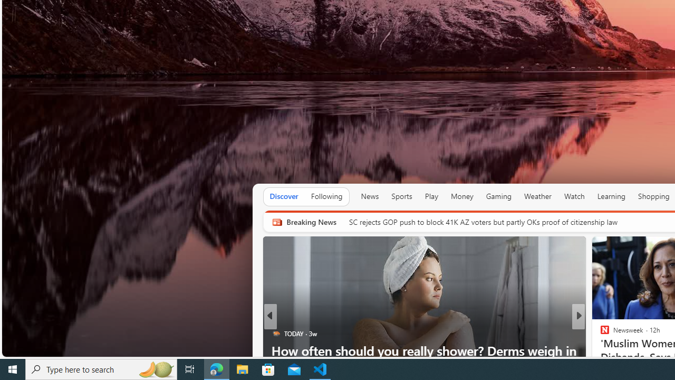  Describe the element at coordinates (498, 196) in the screenshot. I see `'Gaming'` at that location.